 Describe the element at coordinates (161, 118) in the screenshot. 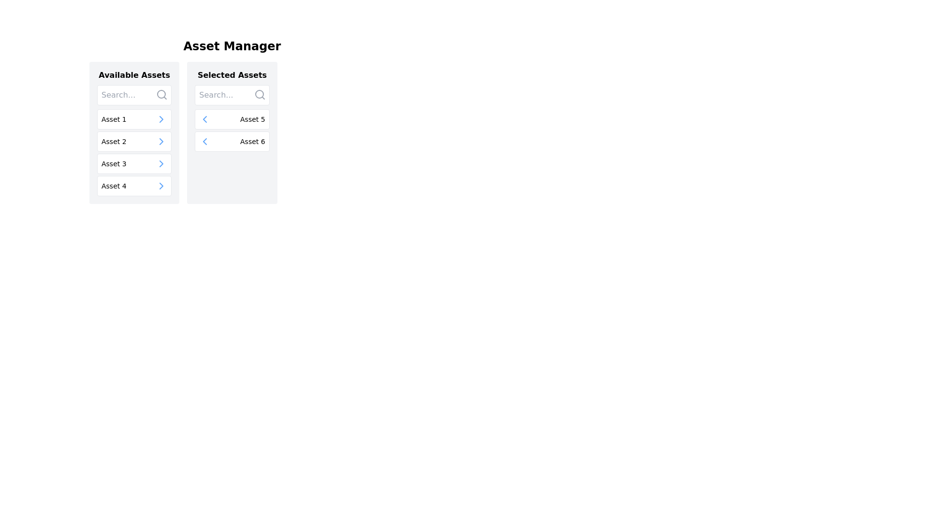

I see `the navigational icon next to the 'Asset 1' label` at that location.